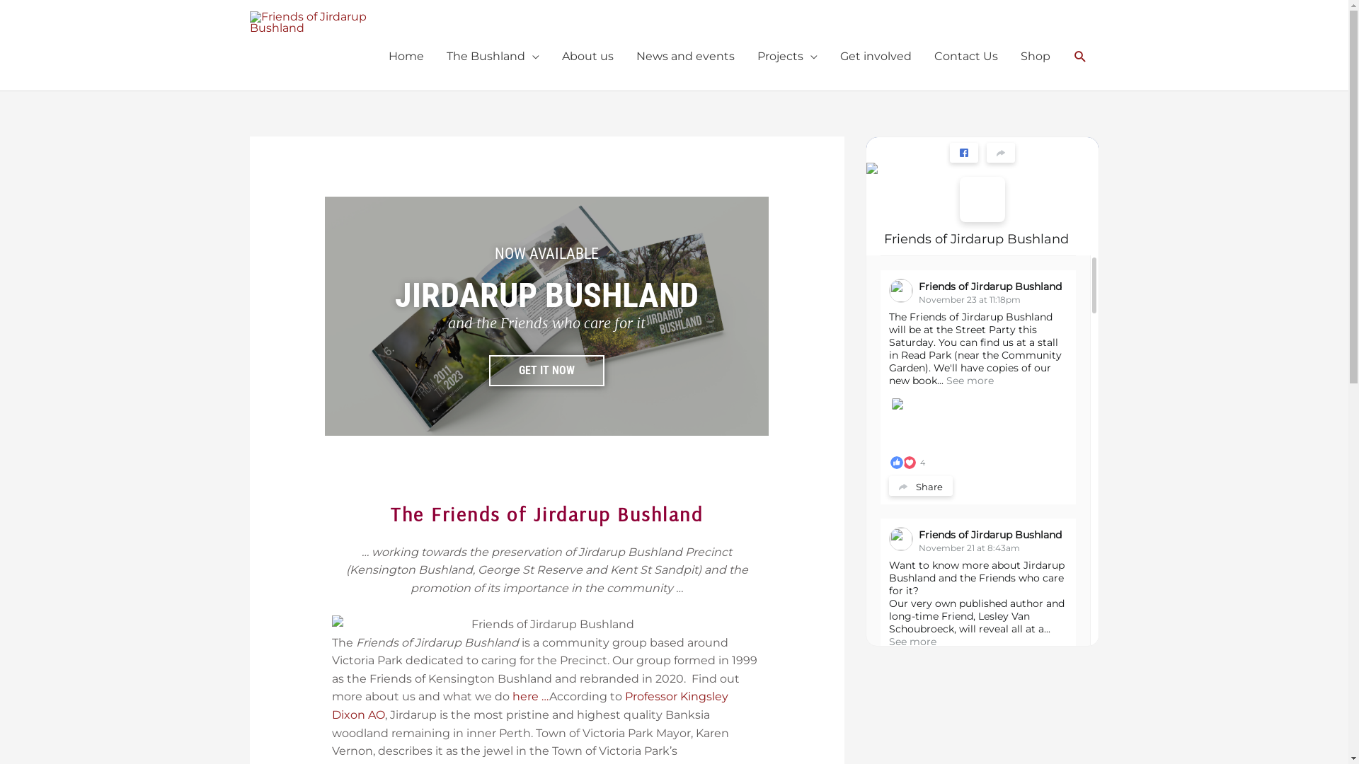  What do you see at coordinates (549, 56) in the screenshot?
I see `'About us'` at bounding box center [549, 56].